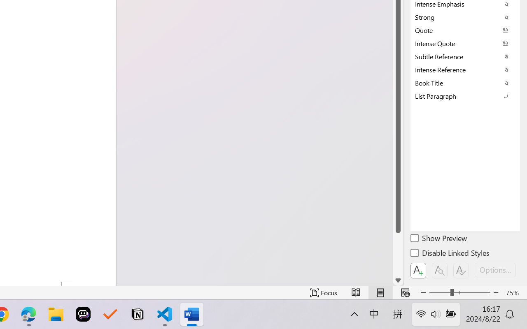  What do you see at coordinates (465, 83) in the screenshot?
I see `'Book Title'` at bounding box center [465, 83].